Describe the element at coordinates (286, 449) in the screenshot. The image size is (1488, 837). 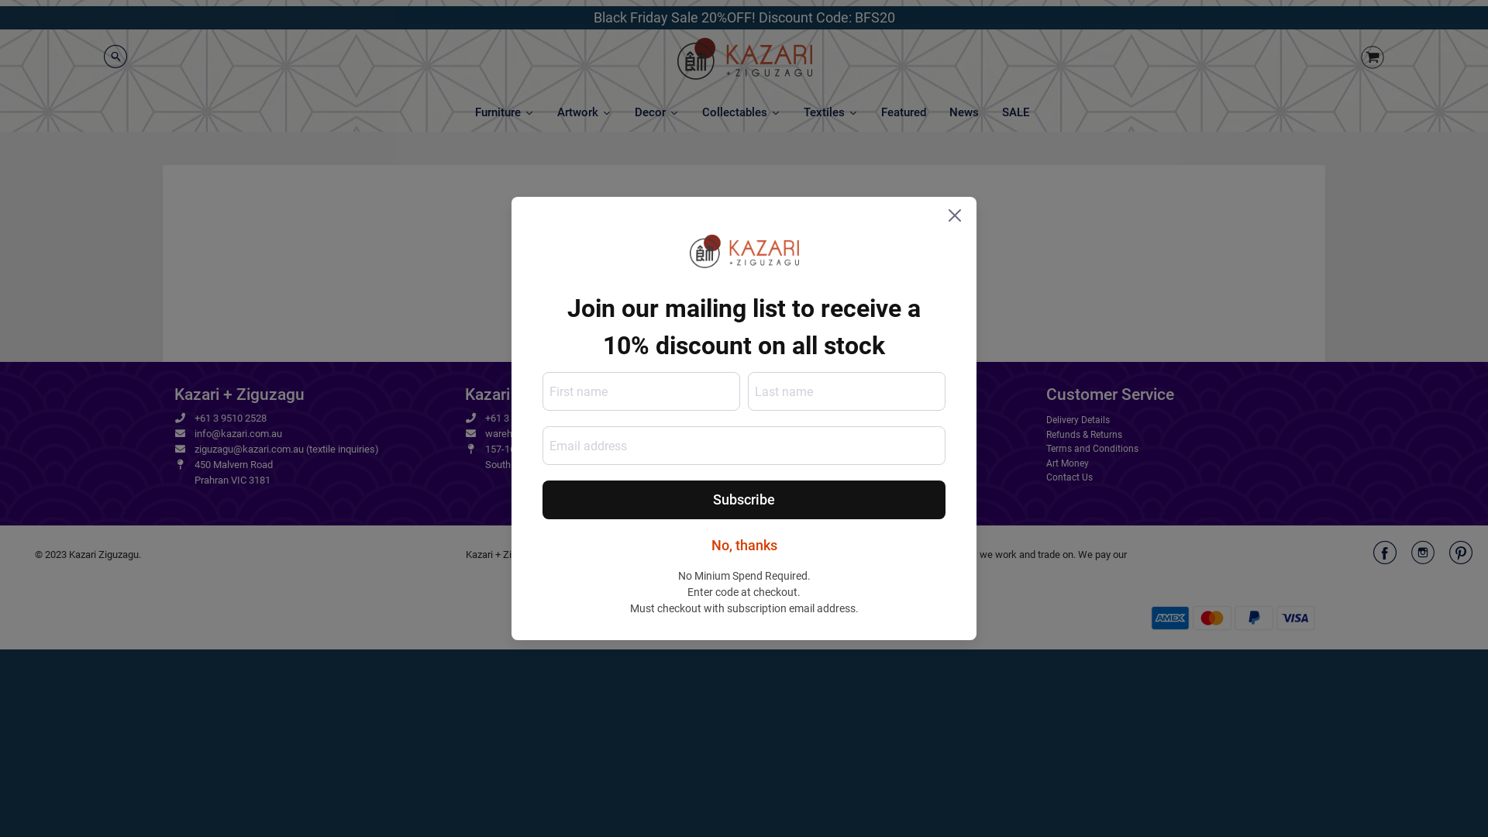
I see `'ziguzagu@kazari.com.au (textile inquiries)'` at that location.